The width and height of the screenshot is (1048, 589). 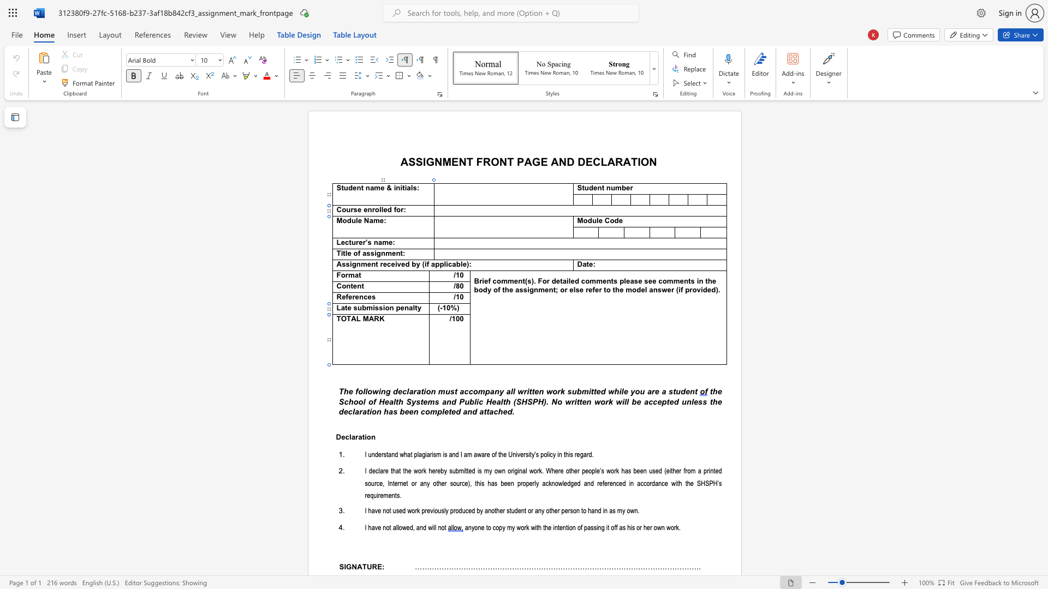 What do you see at coordinates (440, 471) in the screenshot?
I see `the space between the continuous character "e" and "b" in the text` at bounding box center [440, 471].